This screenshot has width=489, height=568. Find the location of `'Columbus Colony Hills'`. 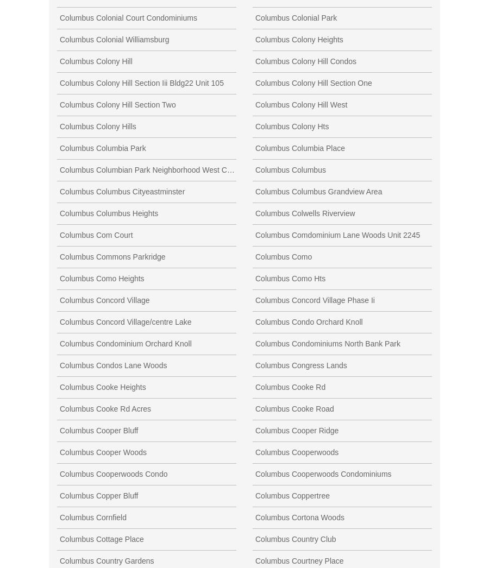

'Columbus Colony Hills' is located at coordinates (98, 125).